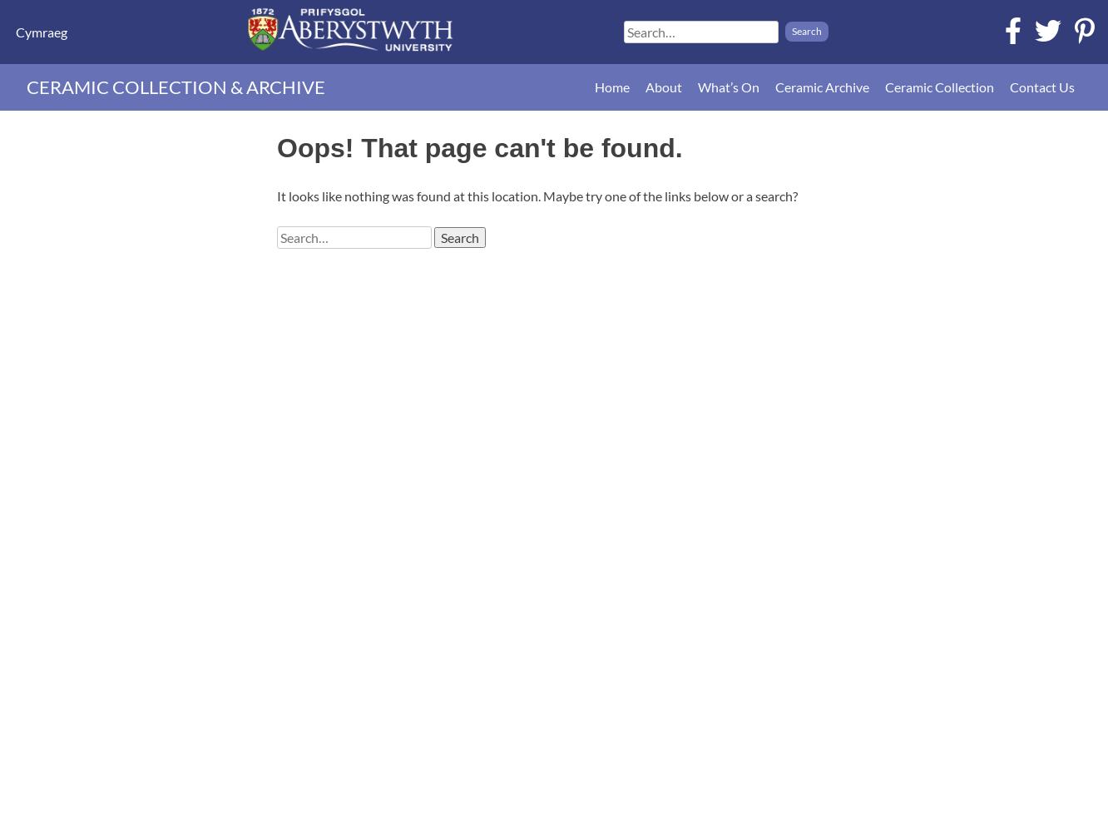  Describe the element at coordinates (277, 148) in the screenshot. I see `'Oops! That page can't be found.'` at that location.